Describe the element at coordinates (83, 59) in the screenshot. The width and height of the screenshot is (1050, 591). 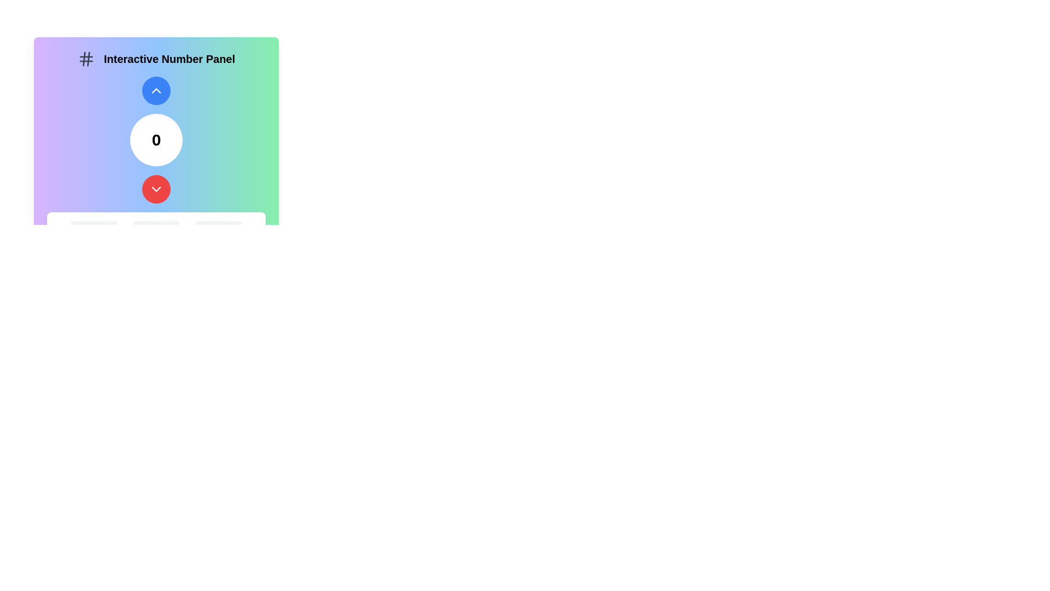
I see `the second vertical line of the hash (#) symbol within the SVG graphic, which is centrally aligned and slightly offset to the right from the first line` at that location.